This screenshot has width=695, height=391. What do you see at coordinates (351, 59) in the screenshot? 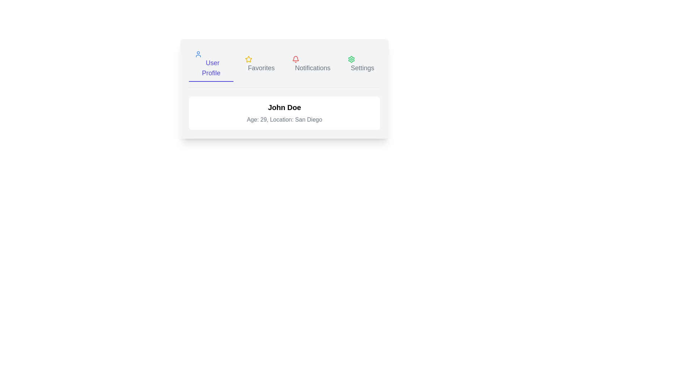
I see `the settings icon, which is a gear symbol located in the top-right section of the navigation bar` at bounding box center [351, 59].